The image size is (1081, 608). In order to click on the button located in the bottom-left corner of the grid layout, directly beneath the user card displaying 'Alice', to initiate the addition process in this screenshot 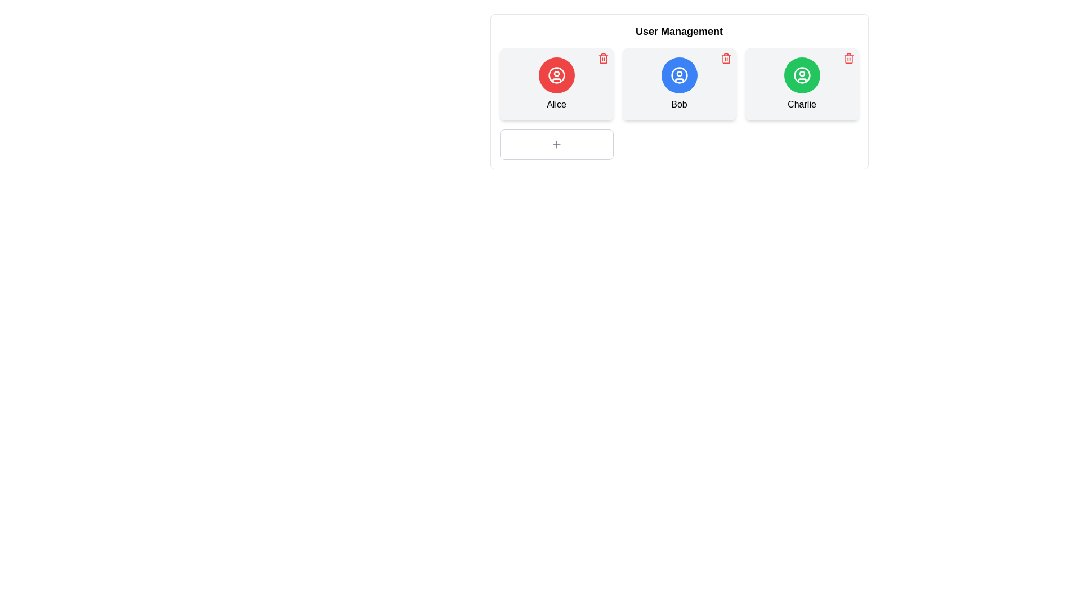, I will do `click(556, 144)`.